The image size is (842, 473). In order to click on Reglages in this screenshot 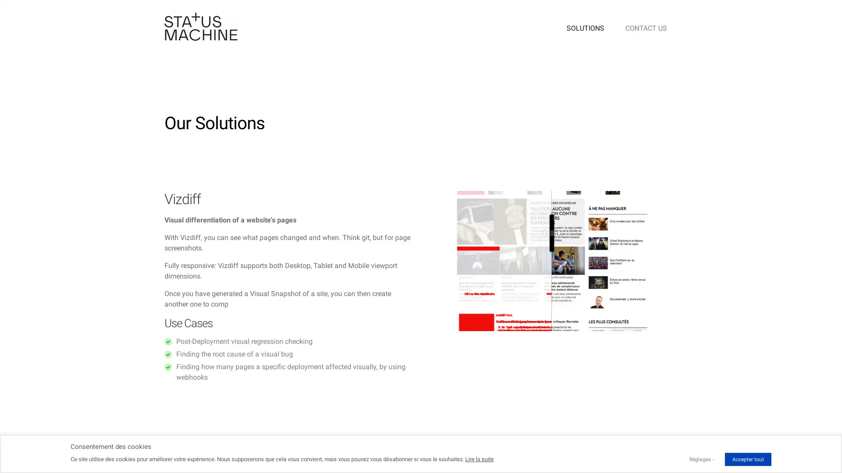, I will do `click(699, 459)`.